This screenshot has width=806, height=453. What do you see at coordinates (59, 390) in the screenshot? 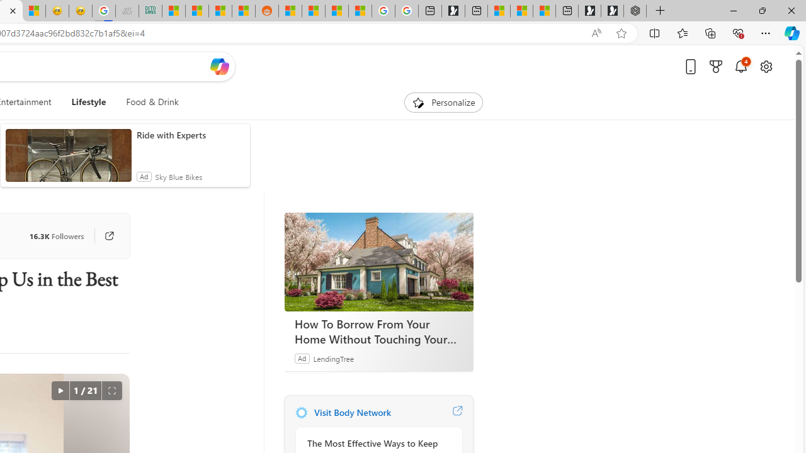
I see `'autorotate button'` at bounding box center [59, 390].